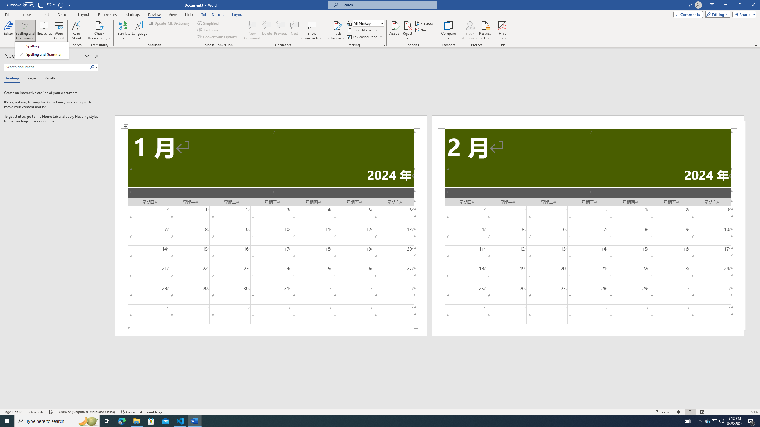 The height and width of the screenshot is (427, 760). I want to click on 'Thesaurus...', so click(44, 31).